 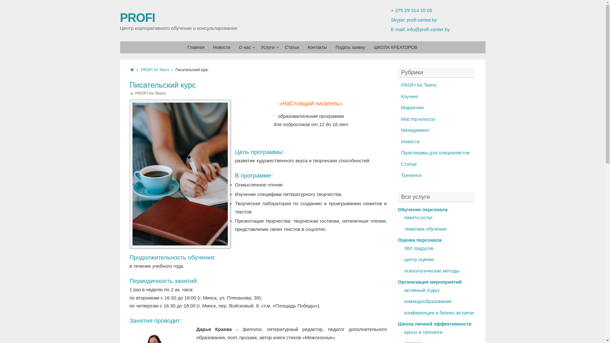 What do you see at coordinates (407, 29) in the screenshot?
I see `'info@profi-center.by'` at bounding box center [407, 29].